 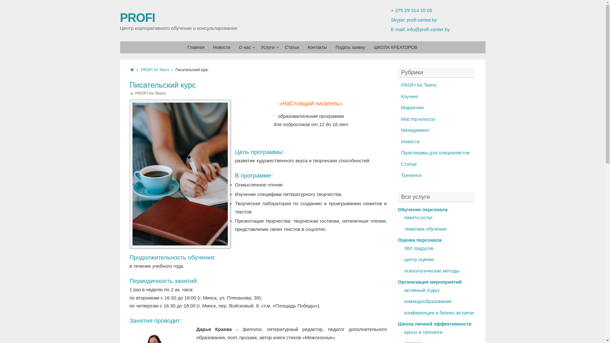 What do you see at coordinates (407, 29) in the screenshot?
I see `'info@profi-center.by'` at bounding box center [407, 29].